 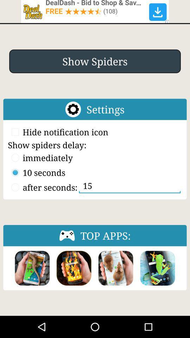 I want to click on app download page, so click(x=116, y=268).